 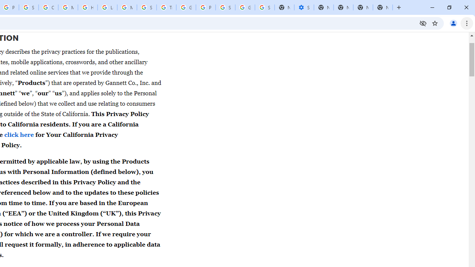 What do you see at coordinates (435, 23) in the screenshot?
I see `'Bookmark this tab'` at bounding box center [435, 23].